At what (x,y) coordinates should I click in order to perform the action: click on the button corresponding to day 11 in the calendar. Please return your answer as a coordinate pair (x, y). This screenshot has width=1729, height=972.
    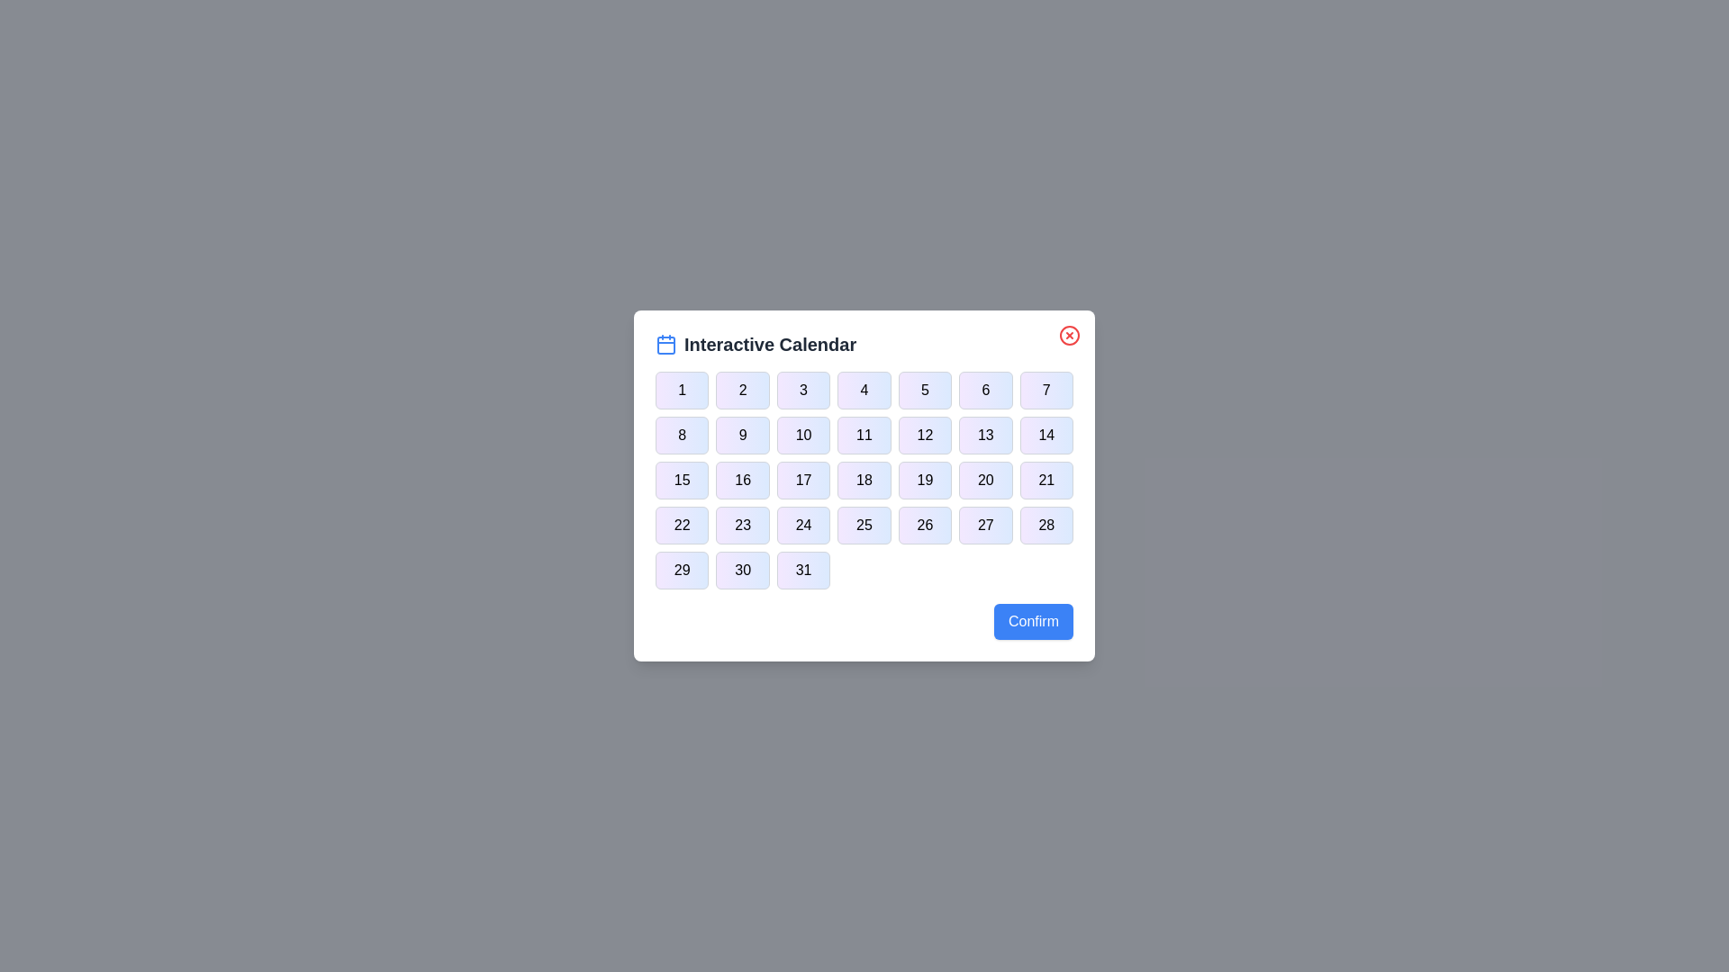
    Looking at the image, I should click on (864, 435).